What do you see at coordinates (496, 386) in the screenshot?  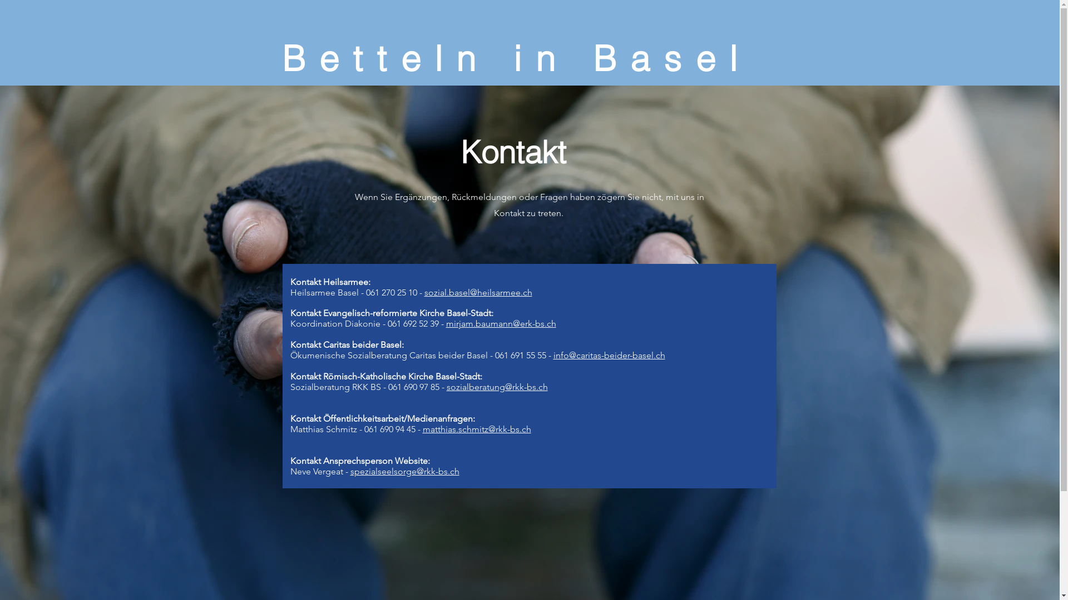 I see `'sozialberatung@rkk-bs.ch'` at bounding box center [496, 386].